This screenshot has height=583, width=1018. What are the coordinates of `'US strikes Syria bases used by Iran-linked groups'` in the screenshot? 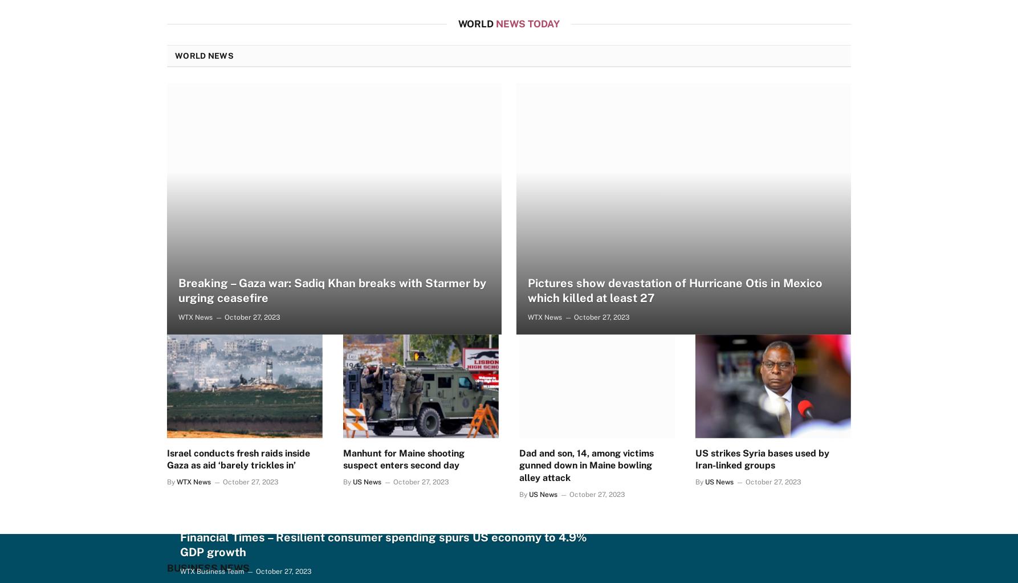 It's located at (762, 459).